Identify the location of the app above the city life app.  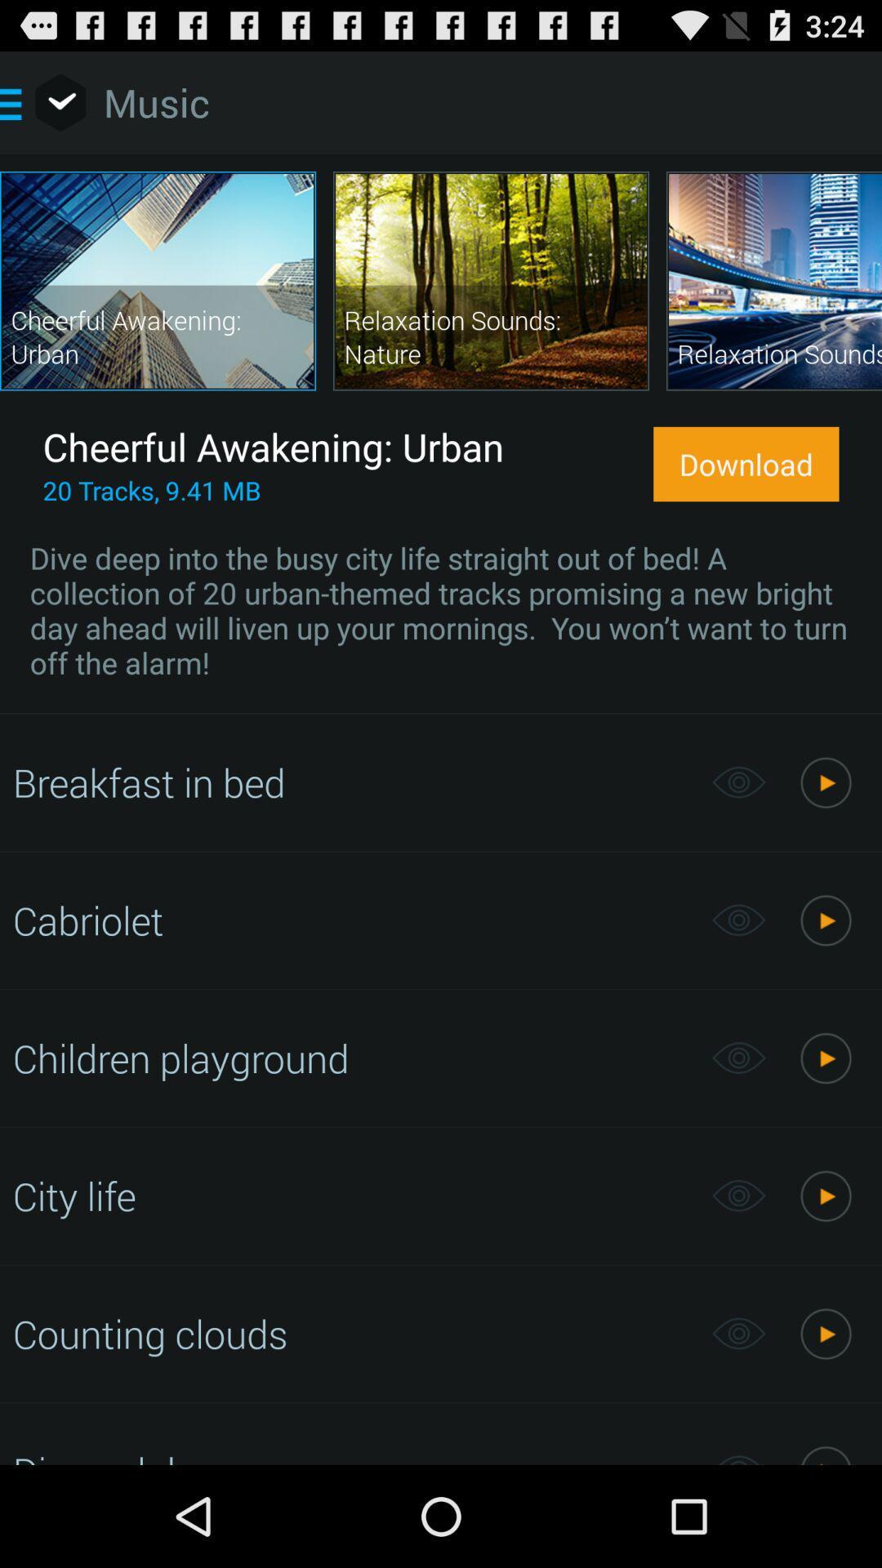
(353, 1058).